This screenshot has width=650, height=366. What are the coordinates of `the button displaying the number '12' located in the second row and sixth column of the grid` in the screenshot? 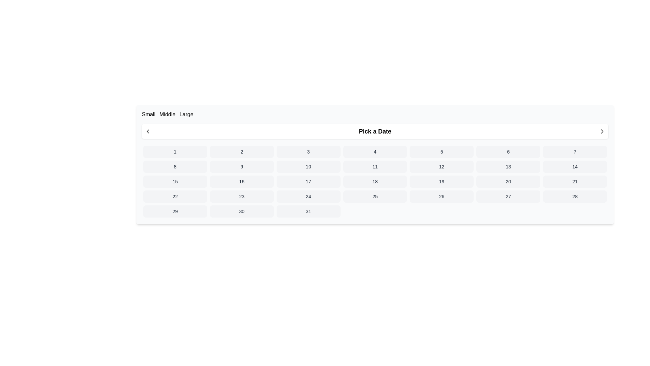 It's located at (441, 167).